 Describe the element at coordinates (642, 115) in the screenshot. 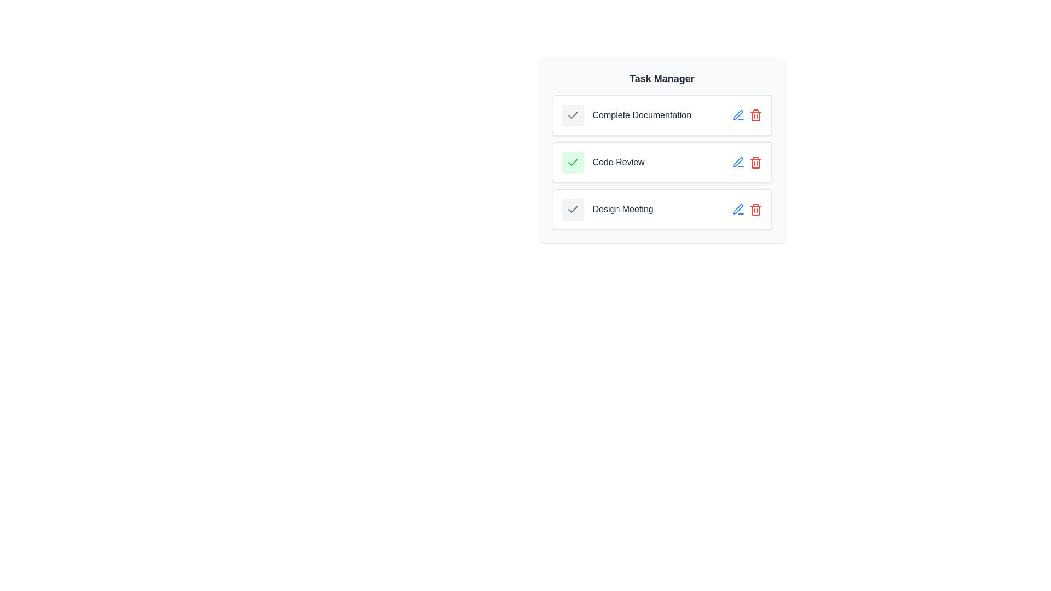

I see `the text of the static label displaying 'Complete Documentation' located between a checkmark icon and an edit icon in the task list` at that location.